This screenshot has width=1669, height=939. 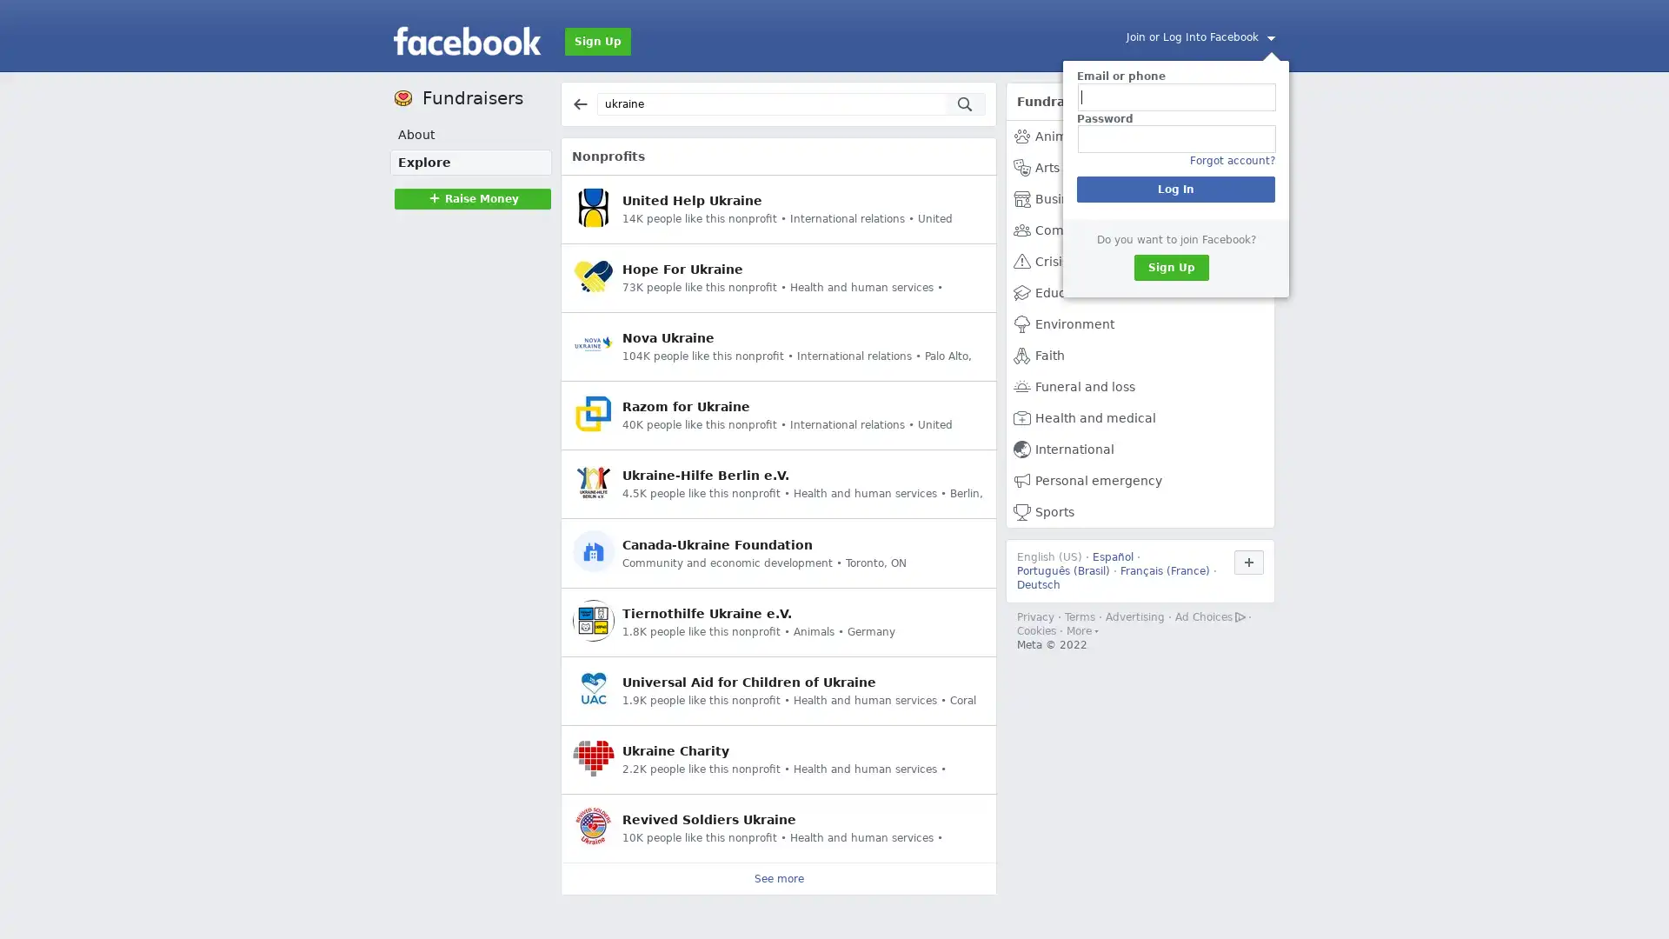 I want to click on Raise MoneyRaise Money, so click(x=472, y=196).